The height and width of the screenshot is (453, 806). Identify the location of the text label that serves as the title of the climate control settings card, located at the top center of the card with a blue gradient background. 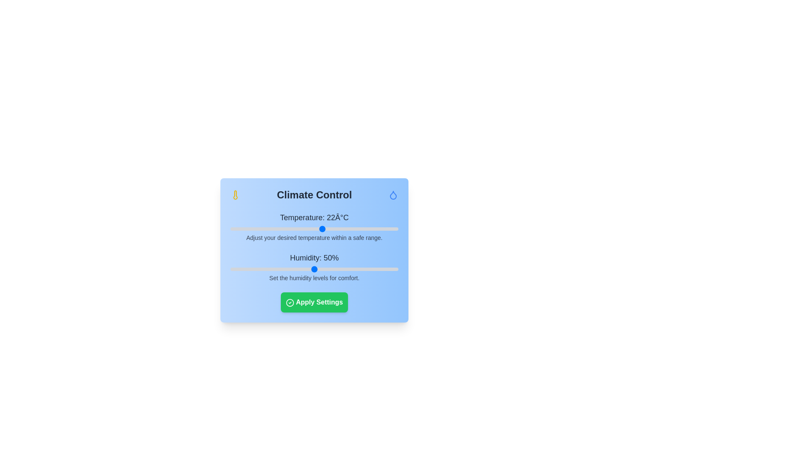
(314, 195).